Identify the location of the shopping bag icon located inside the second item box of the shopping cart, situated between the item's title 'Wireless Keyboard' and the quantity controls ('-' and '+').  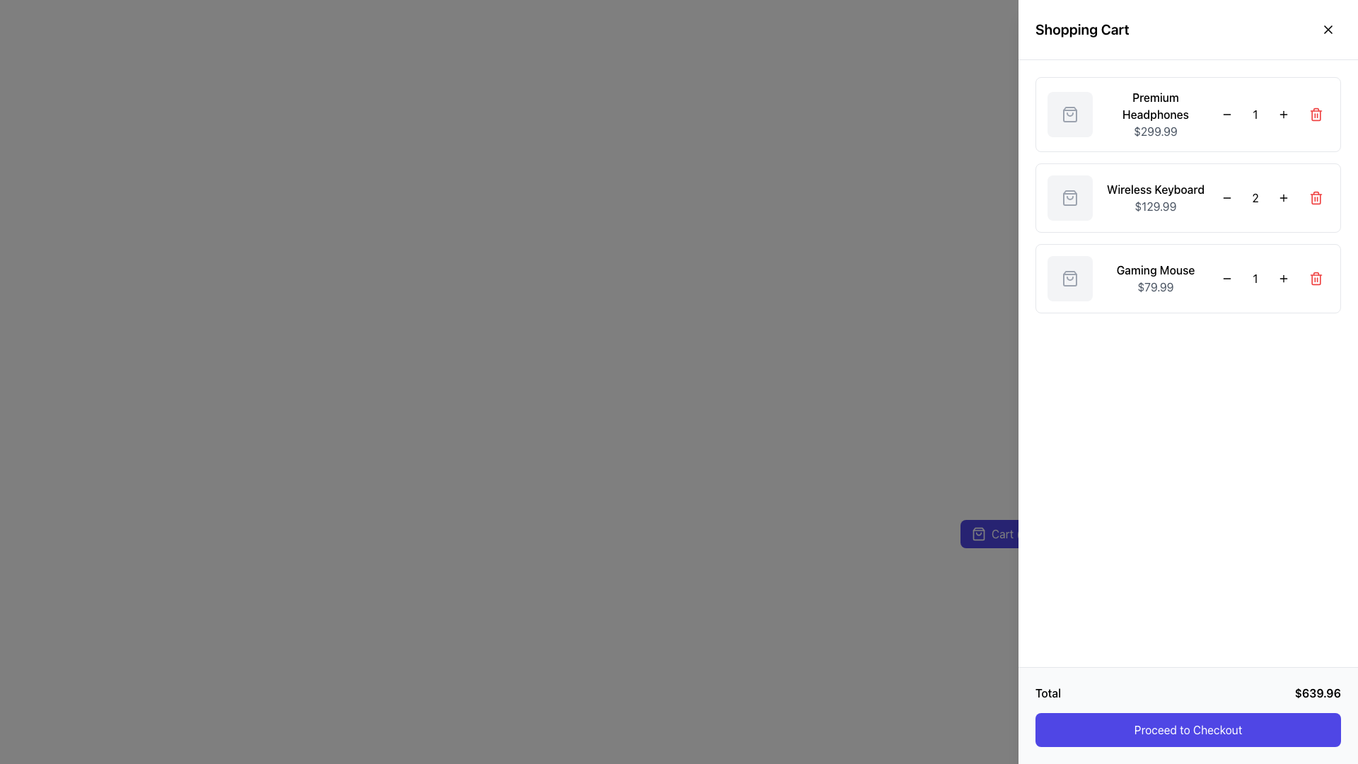
(1069, 198).